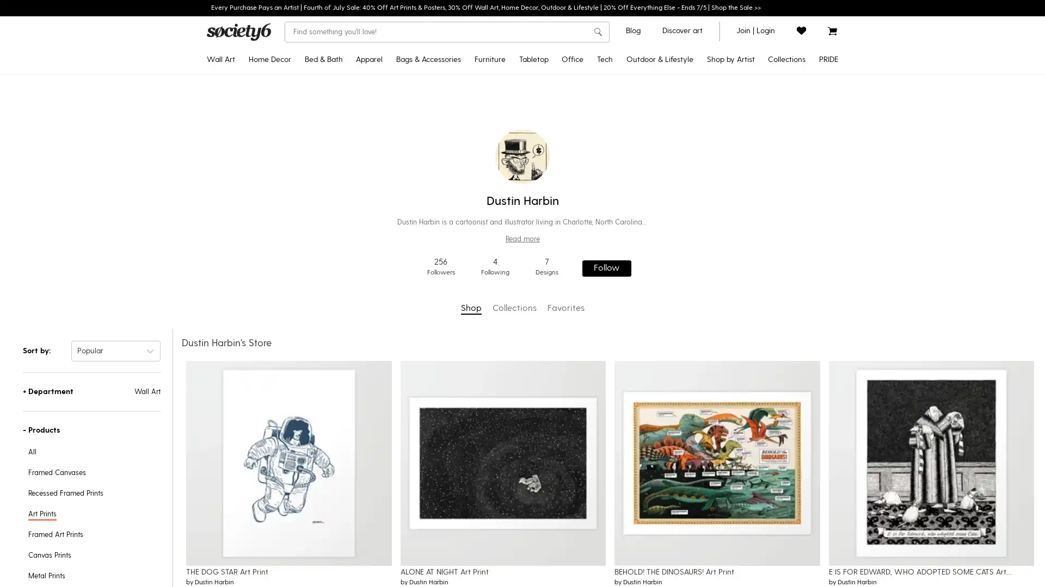 This screenshot has height=587, width=1045. Describe the element at coordinates (599, 263) in the screenshot. I see `Laptop Stickers` at that location.